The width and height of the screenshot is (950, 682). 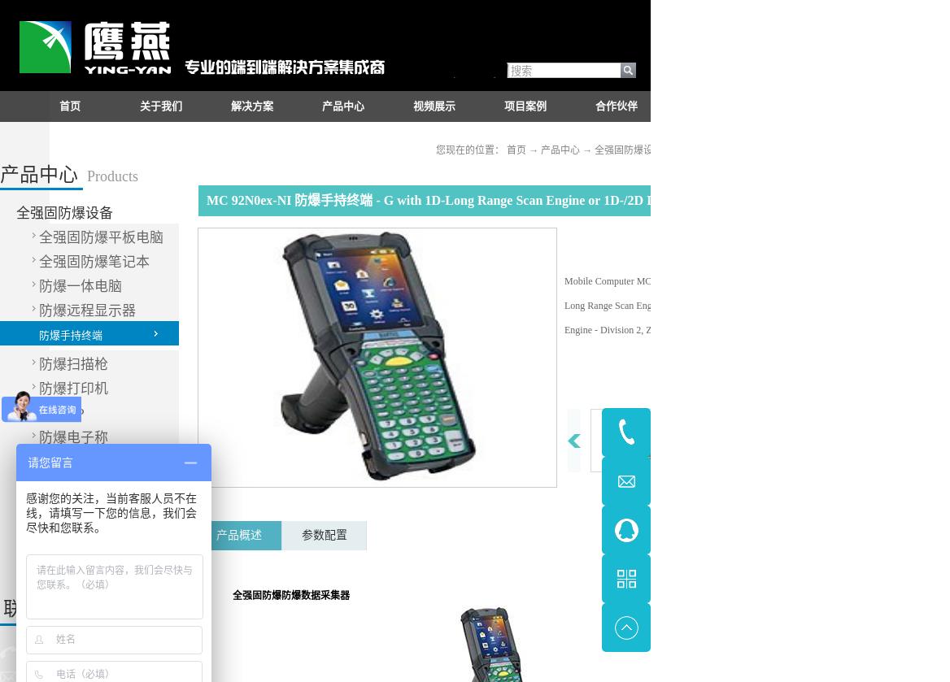 I want to click on 'Engine -', so click(x=564, y=329).